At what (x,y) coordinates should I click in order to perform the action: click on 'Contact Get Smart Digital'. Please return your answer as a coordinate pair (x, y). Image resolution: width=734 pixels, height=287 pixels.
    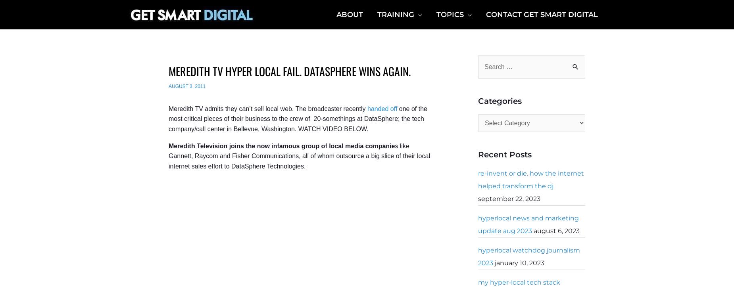
    Looking at the image, I should click on (486, 14).